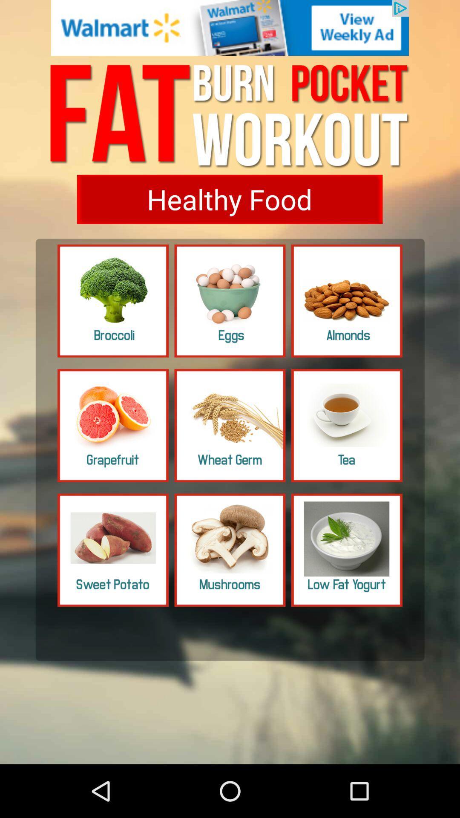 This screenshot has height=818, width=460. What do you see at coordinates (230, 301) in the screenshot?
I see `food options` at bounding box center [230, 301].